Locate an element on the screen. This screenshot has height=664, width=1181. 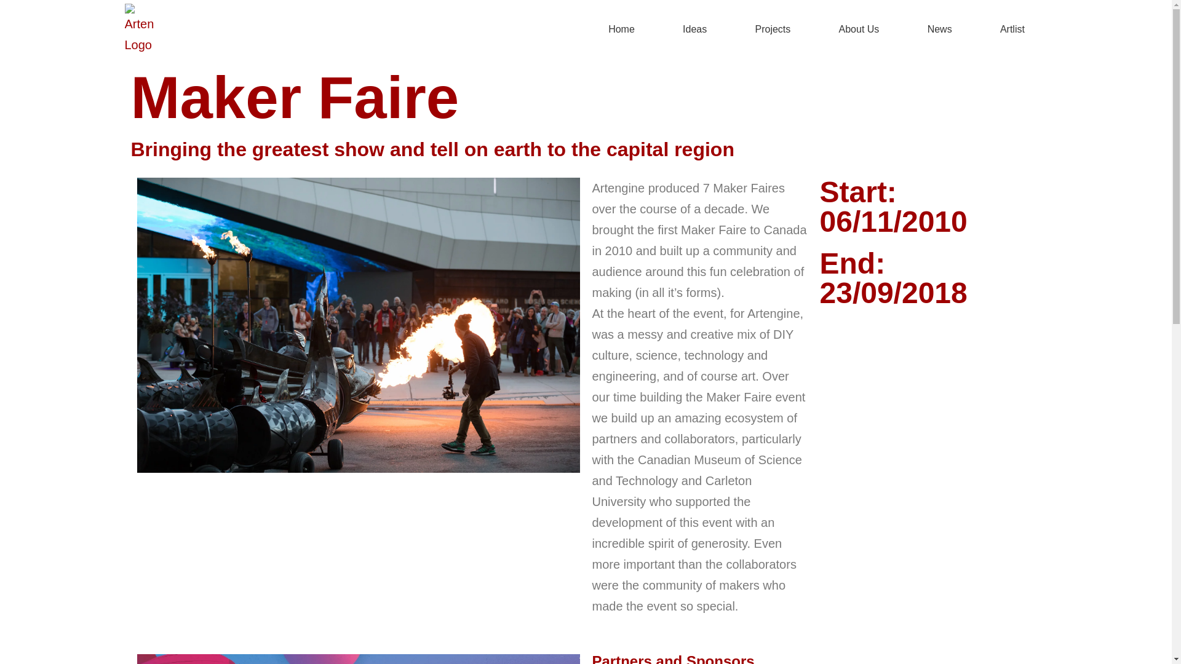
'Artlist' is located at coordinates (1012, 28).